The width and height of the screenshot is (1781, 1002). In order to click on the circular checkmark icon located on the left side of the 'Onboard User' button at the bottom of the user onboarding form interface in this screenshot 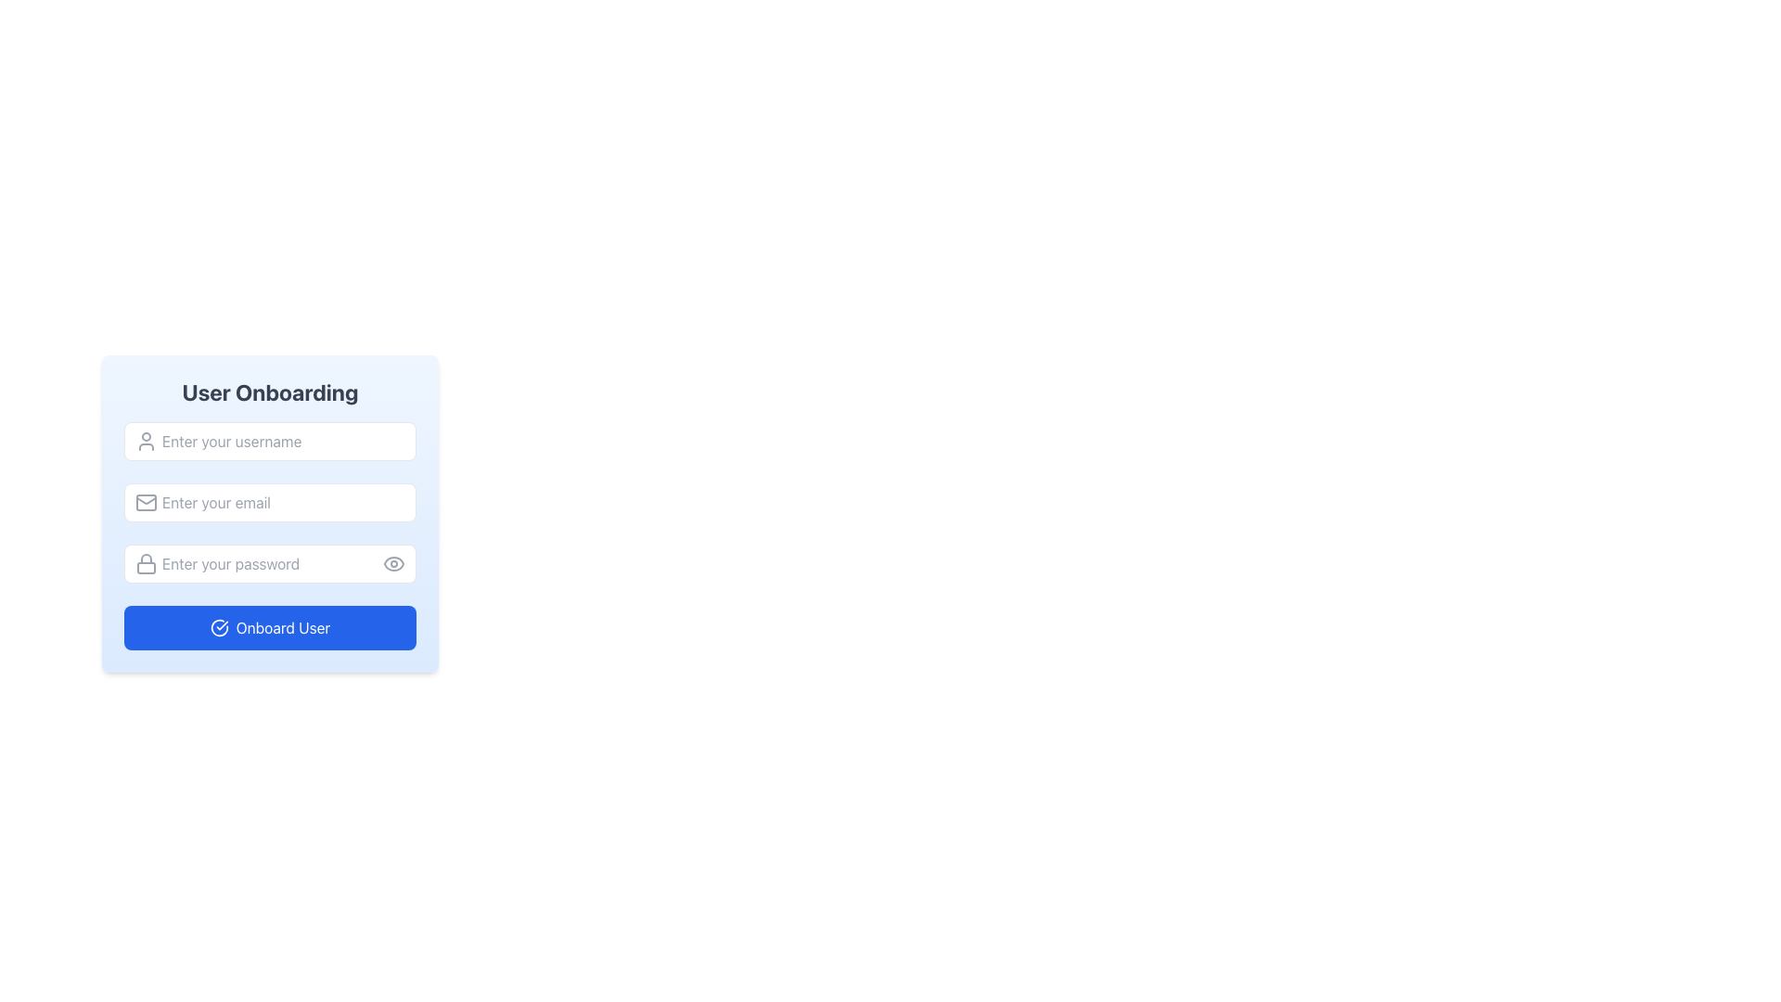, I will do `click(219, 627)`.